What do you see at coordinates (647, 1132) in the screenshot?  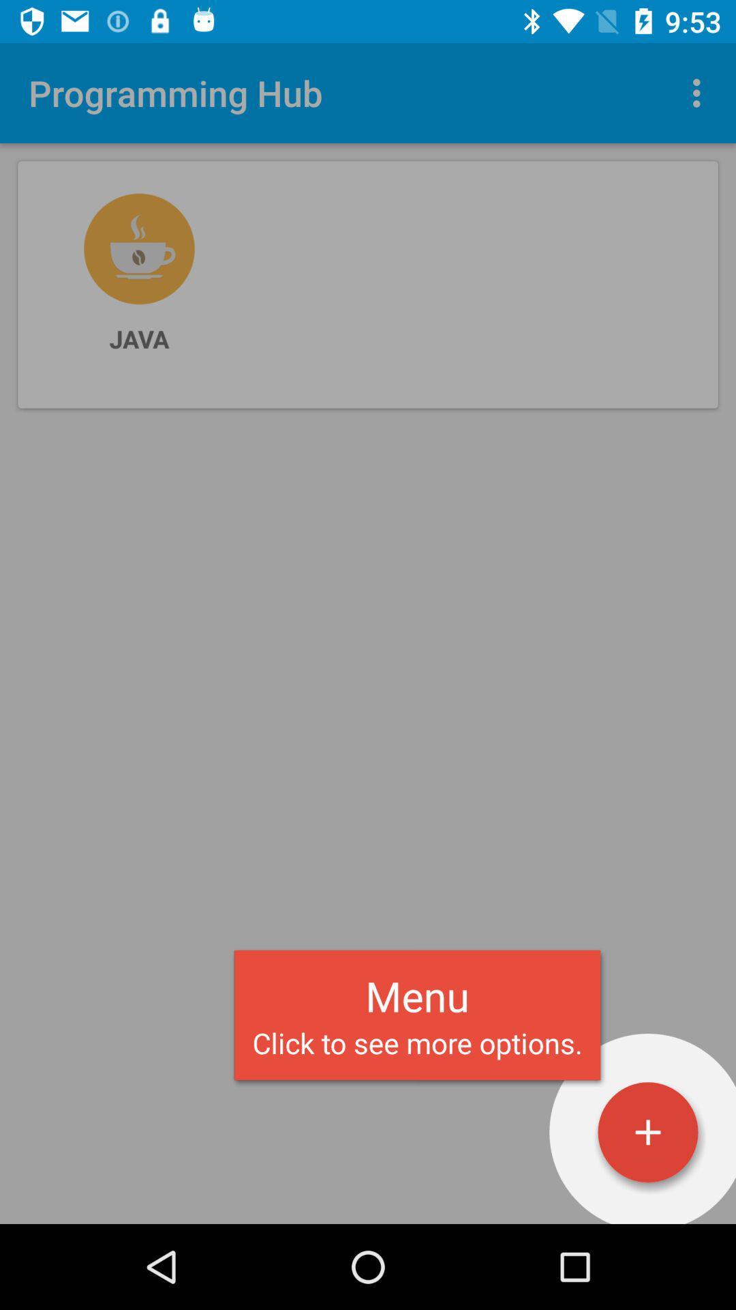 I see `the add icon` at bounding box center [647, 1132].